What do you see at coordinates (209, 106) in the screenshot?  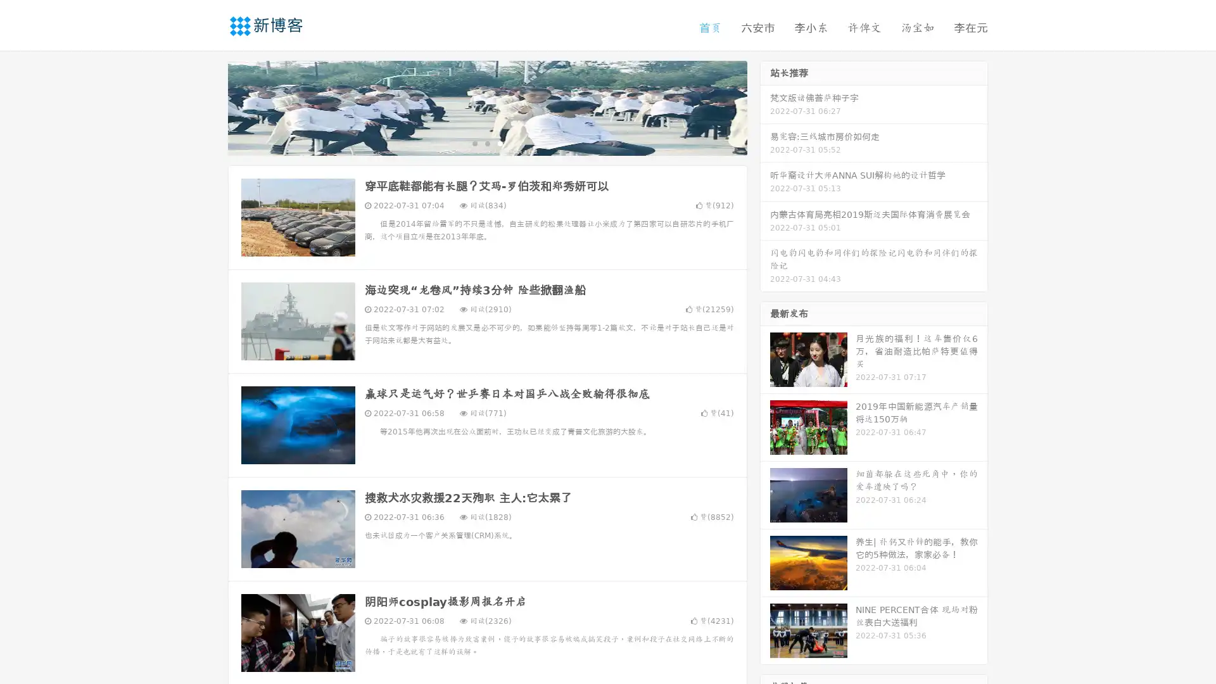 I see `Previous slide` at bounding box center [209, 106].